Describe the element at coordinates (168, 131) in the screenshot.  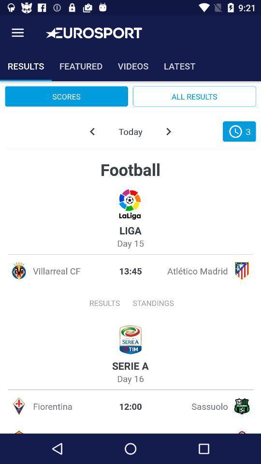
I see `next day` at that location.